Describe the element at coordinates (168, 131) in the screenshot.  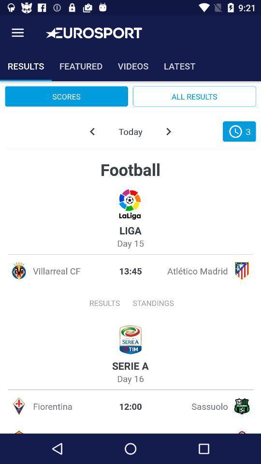
I see `next day` at that location.